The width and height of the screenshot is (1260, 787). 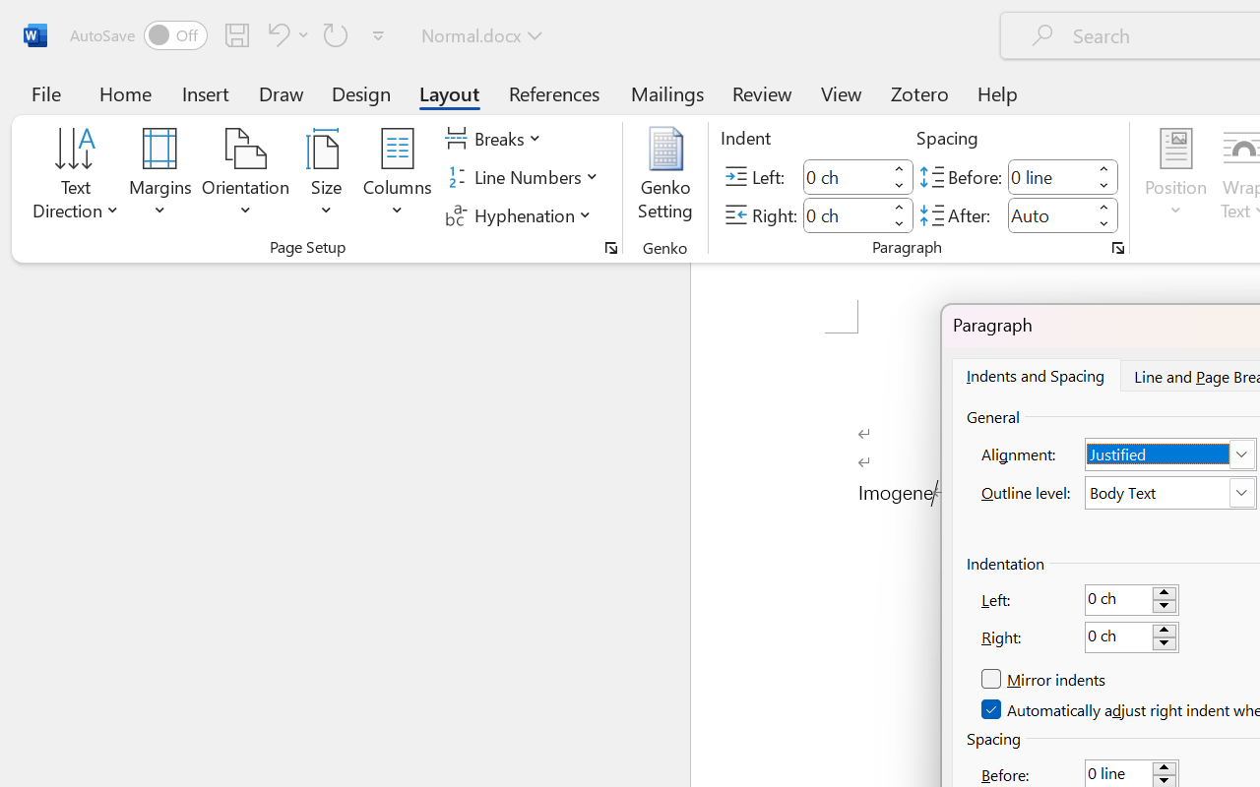 What do you see at coordinates (845, 214) in the screenshot?
I see `'Indent Right'` at bounding box center [845, 214].